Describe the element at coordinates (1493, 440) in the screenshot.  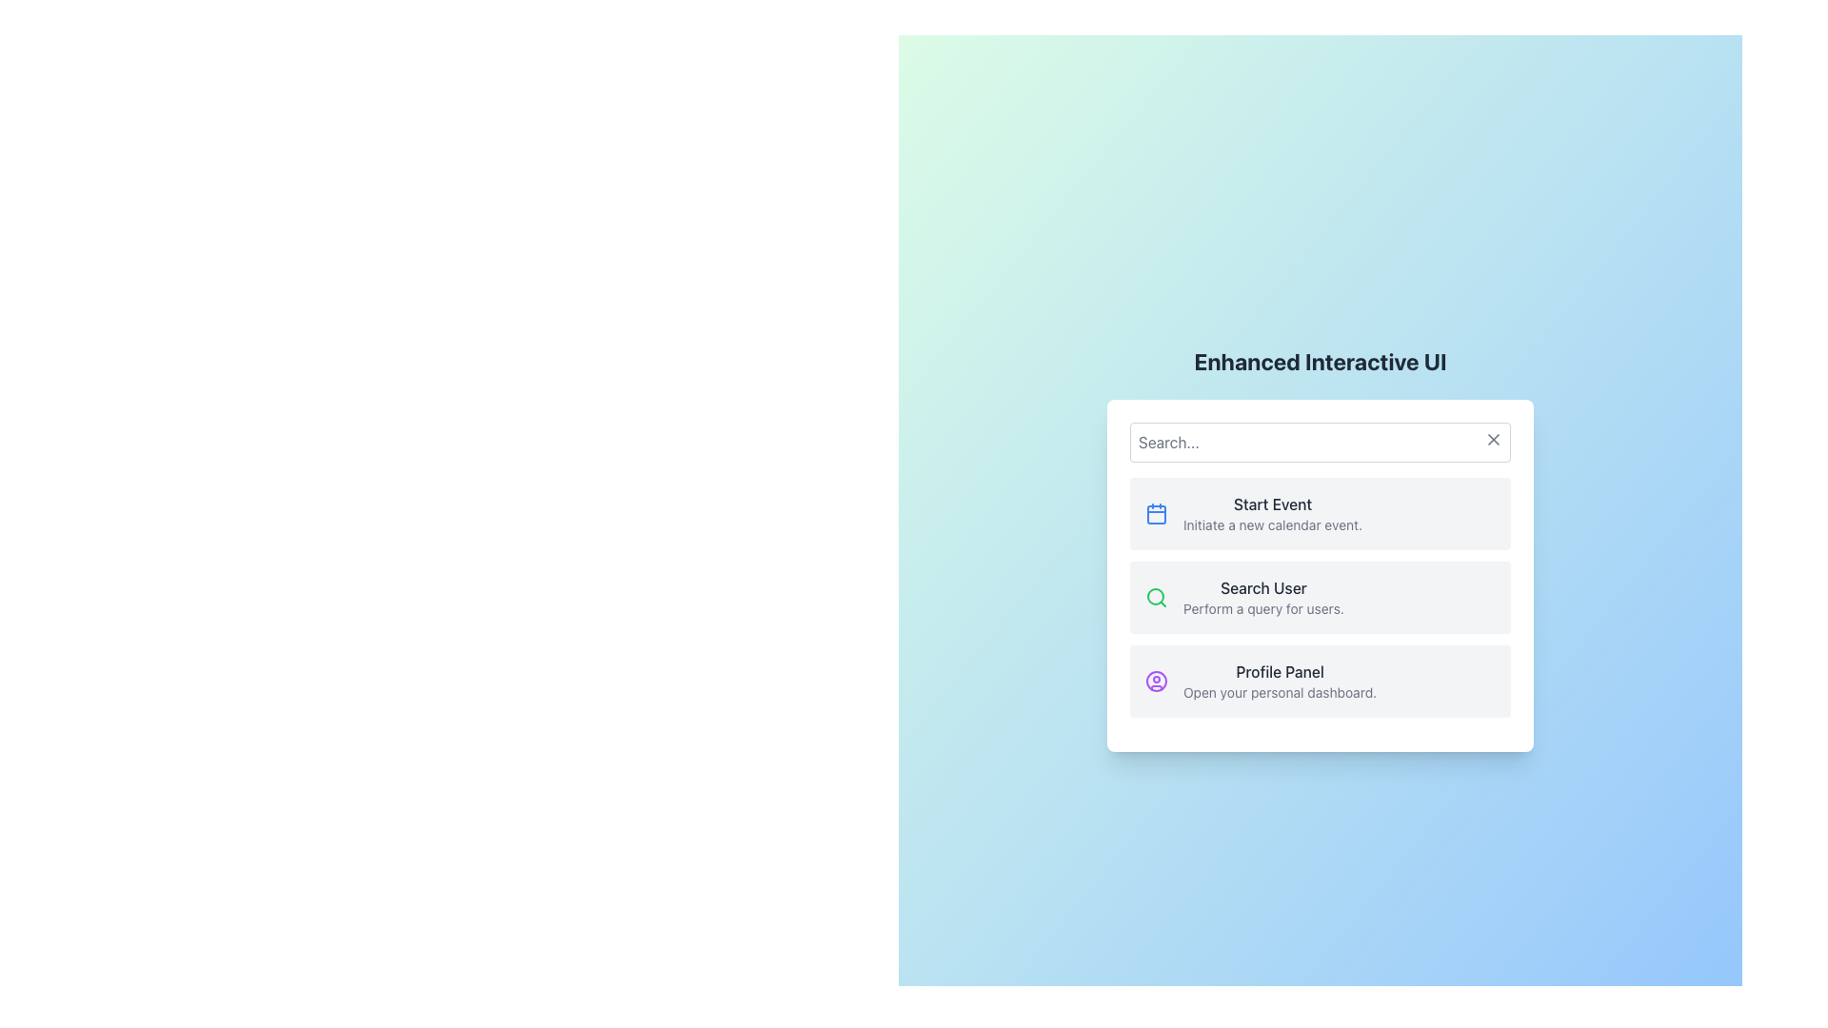
I see `the vector graphic line that is part of the close icon in the search bar` at that location.